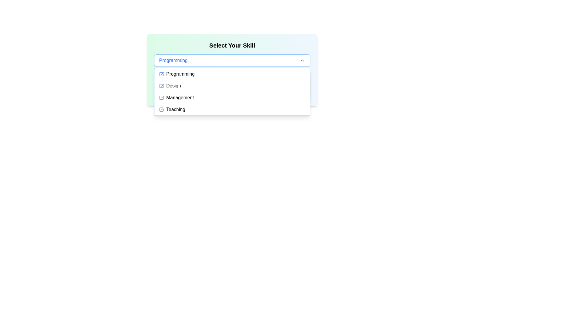 Image resolution: width=568 pixels, height=319 pixels. Describe the element at coordinates (302, 60) in the screenshot. I see `the upward-facing chevron-shaped arrow icon for dropdown toggle, positioned to the far right of the 'Programming' text` at that location.